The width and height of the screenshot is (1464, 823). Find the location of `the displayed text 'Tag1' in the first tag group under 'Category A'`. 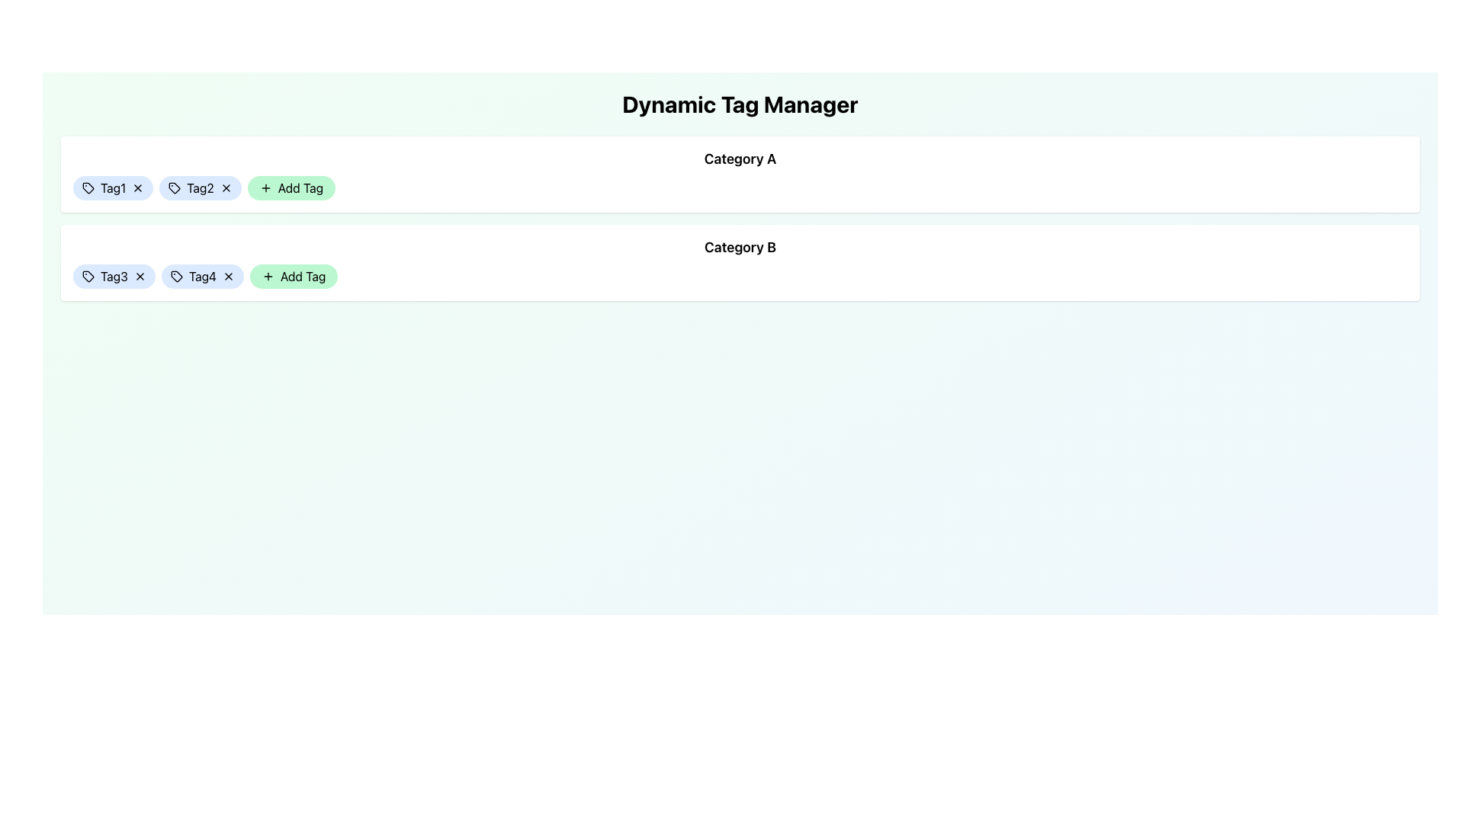

the displayed text 'Tag1' in the first tag group under 'Category A' is located at coordinates (112, 187).